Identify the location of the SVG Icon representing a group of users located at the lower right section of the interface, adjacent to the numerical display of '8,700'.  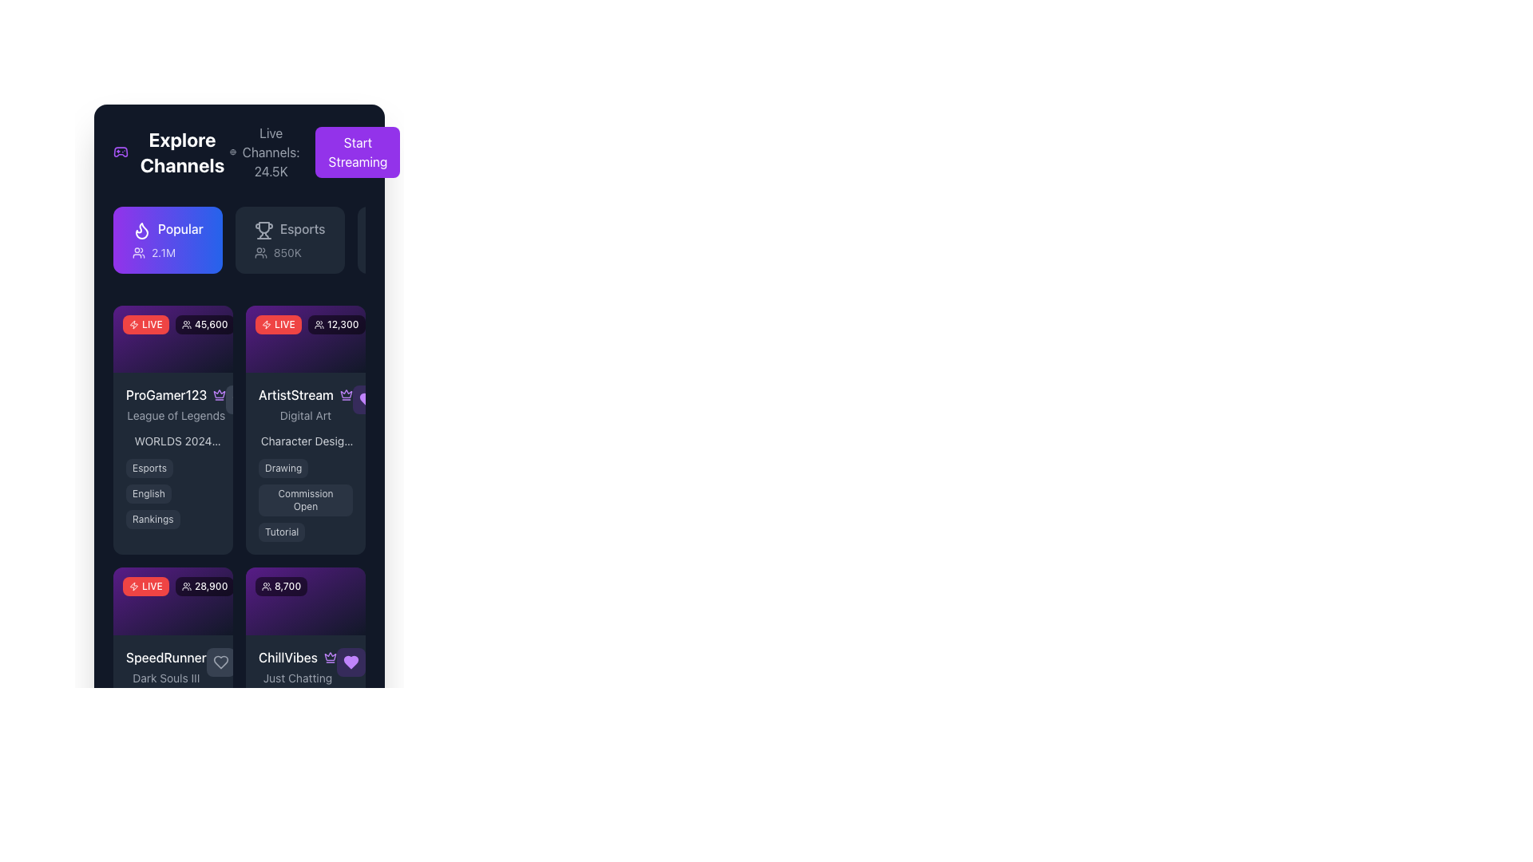
(267, 587).